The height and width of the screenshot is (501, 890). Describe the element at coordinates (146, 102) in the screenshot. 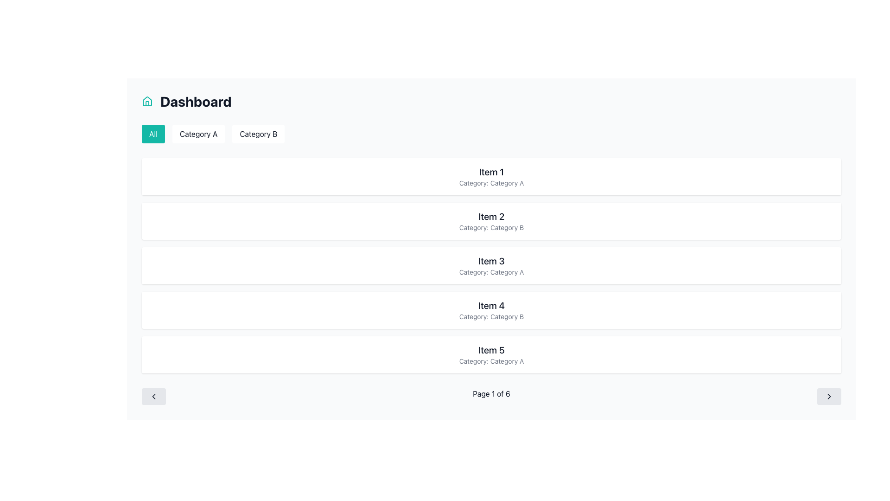

I see `the Dashboard icon located at the top-left corner of the page, which visually indicates the main page` at that location.